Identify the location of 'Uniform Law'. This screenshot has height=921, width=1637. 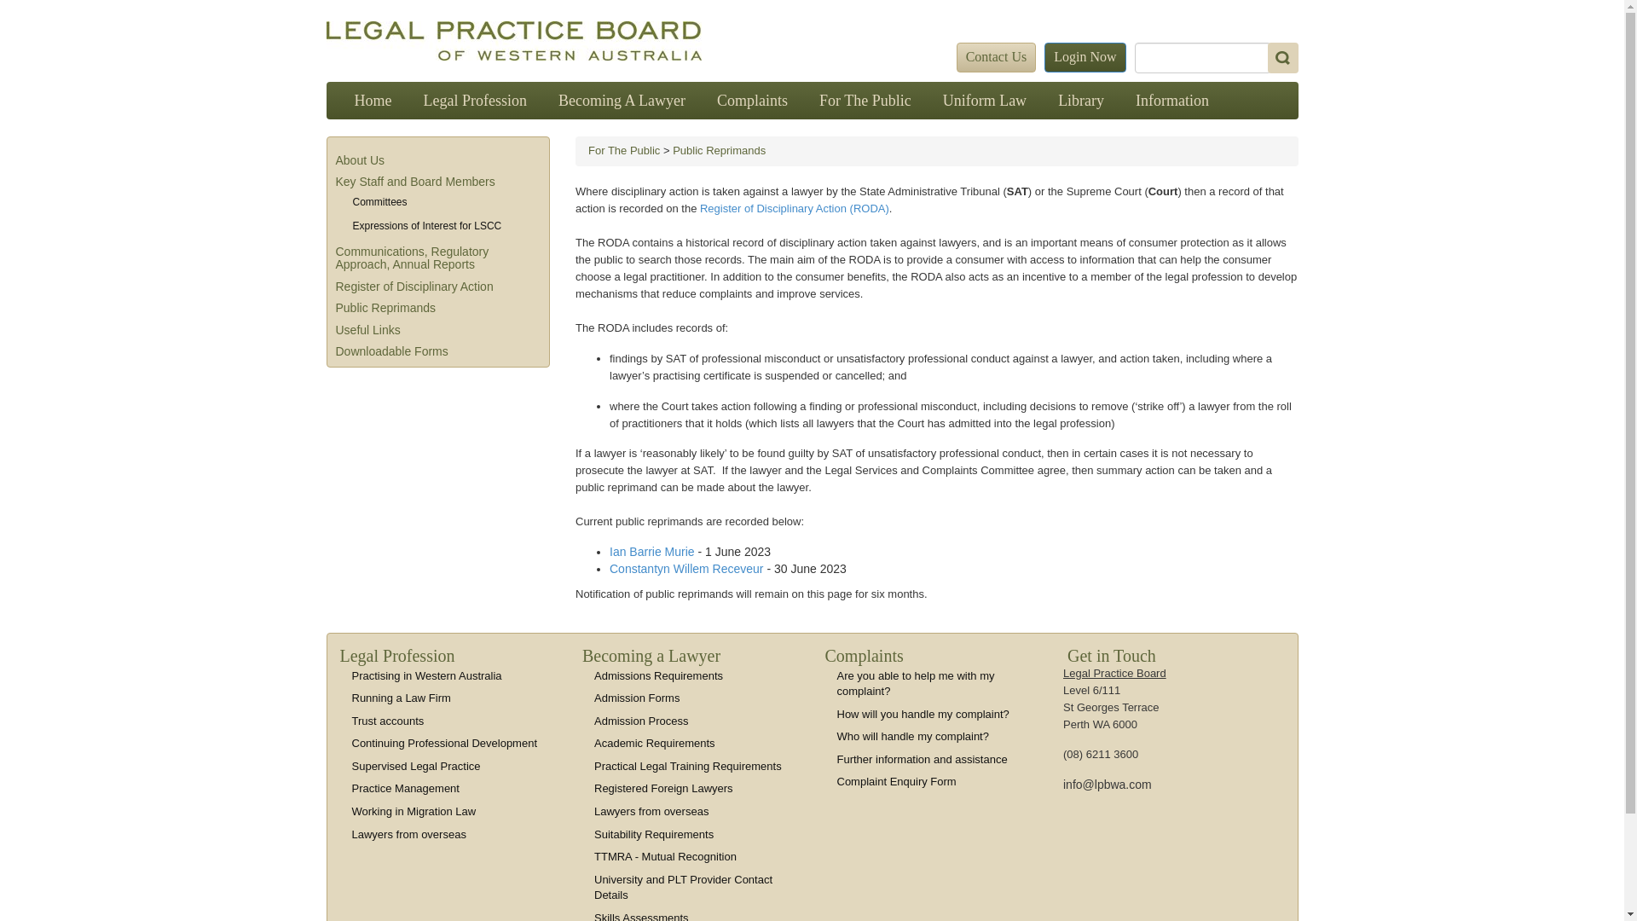
(985, 101).